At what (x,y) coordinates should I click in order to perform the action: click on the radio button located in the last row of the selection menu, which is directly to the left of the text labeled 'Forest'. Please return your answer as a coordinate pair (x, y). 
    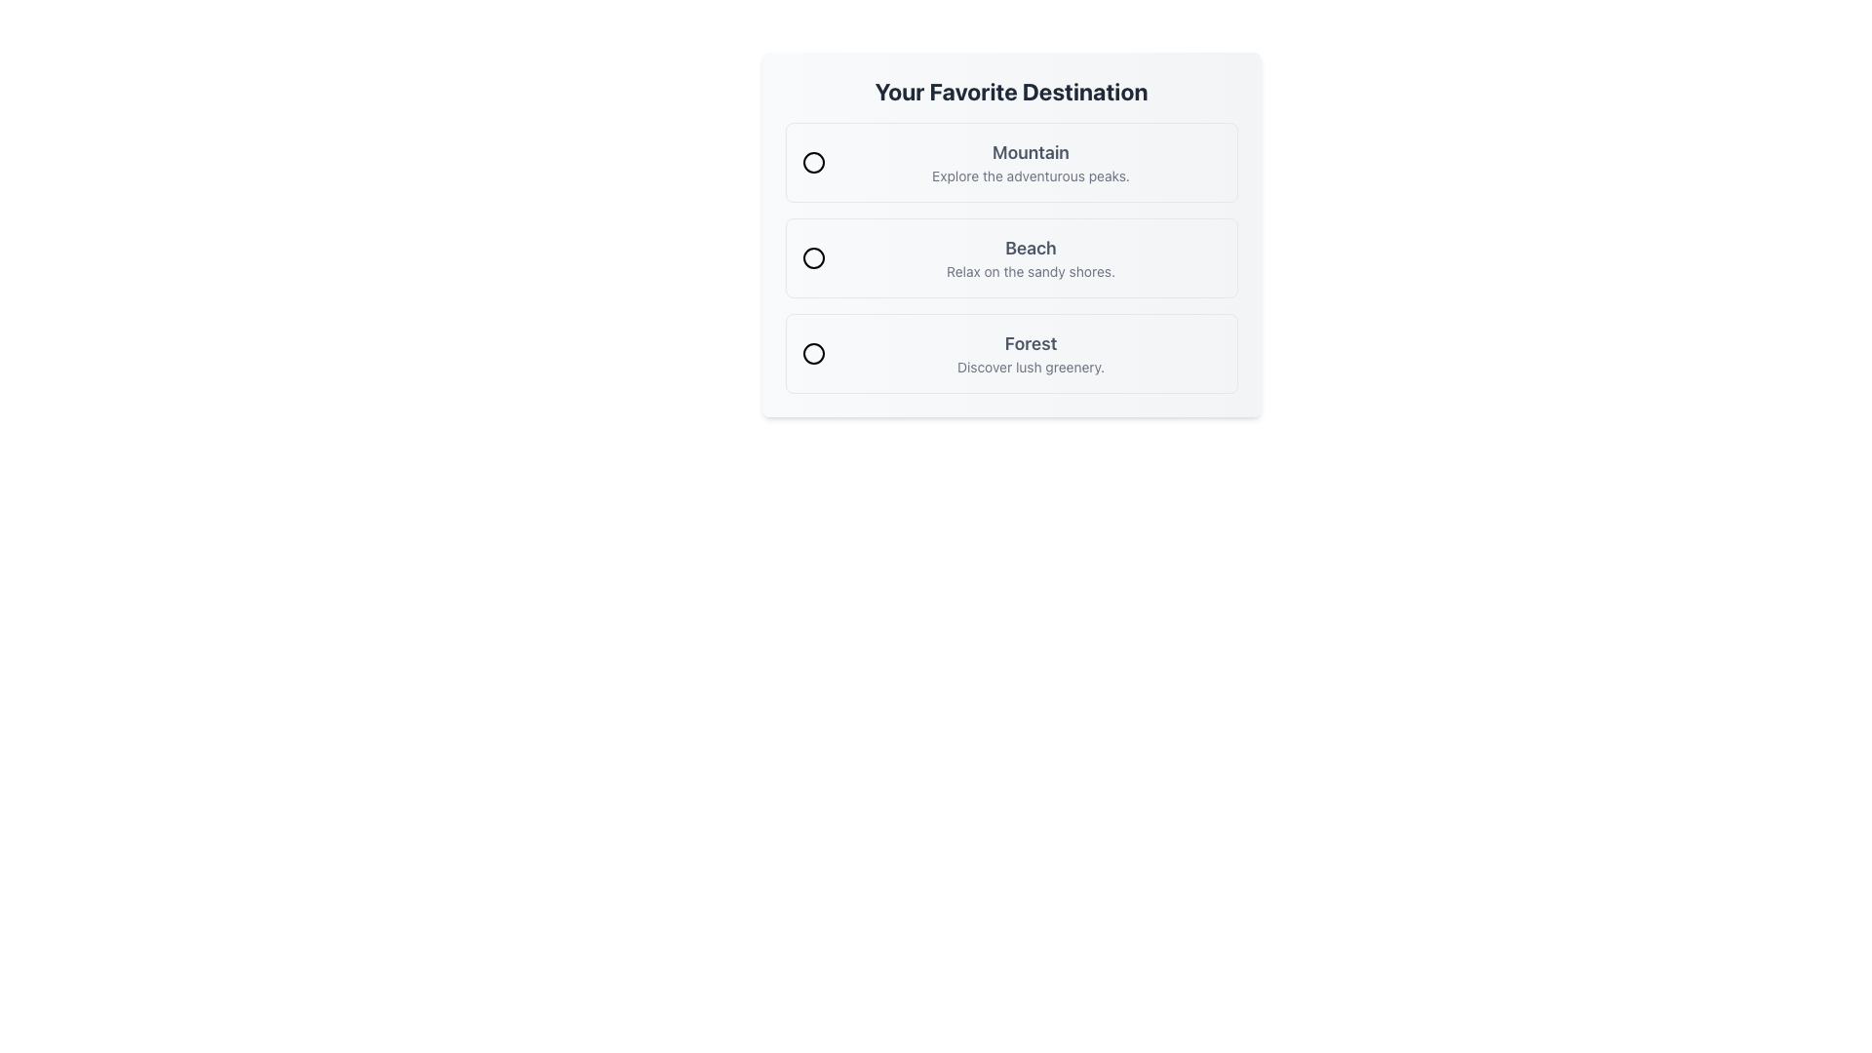
    Looking at the image, I should click on (813, 353).